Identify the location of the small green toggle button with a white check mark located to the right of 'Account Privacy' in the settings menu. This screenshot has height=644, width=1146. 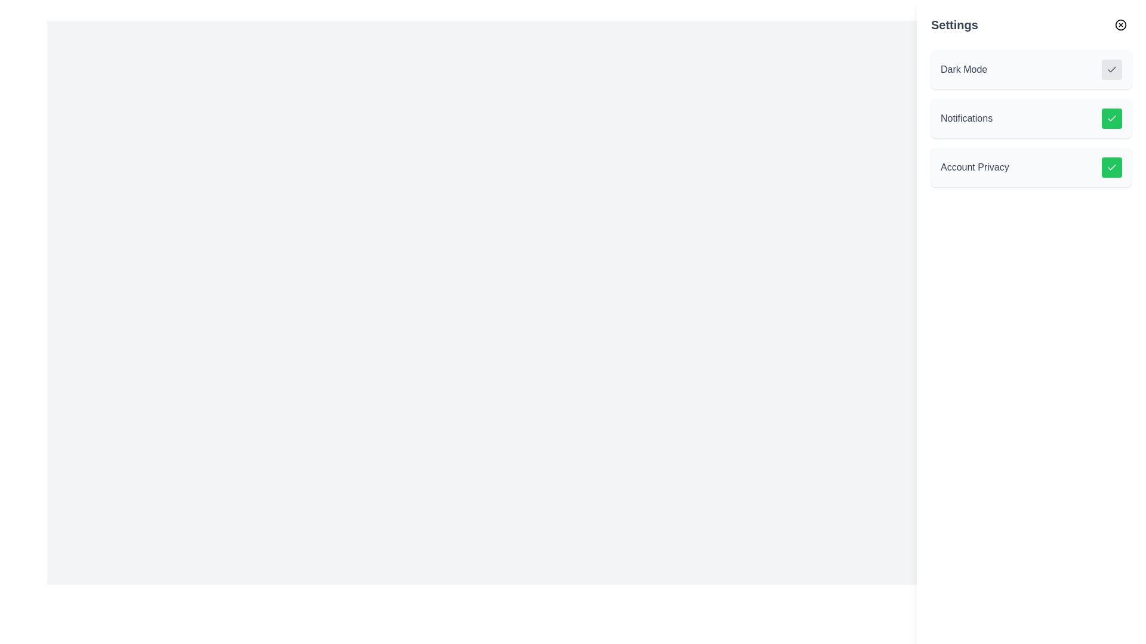
(1111, 168).